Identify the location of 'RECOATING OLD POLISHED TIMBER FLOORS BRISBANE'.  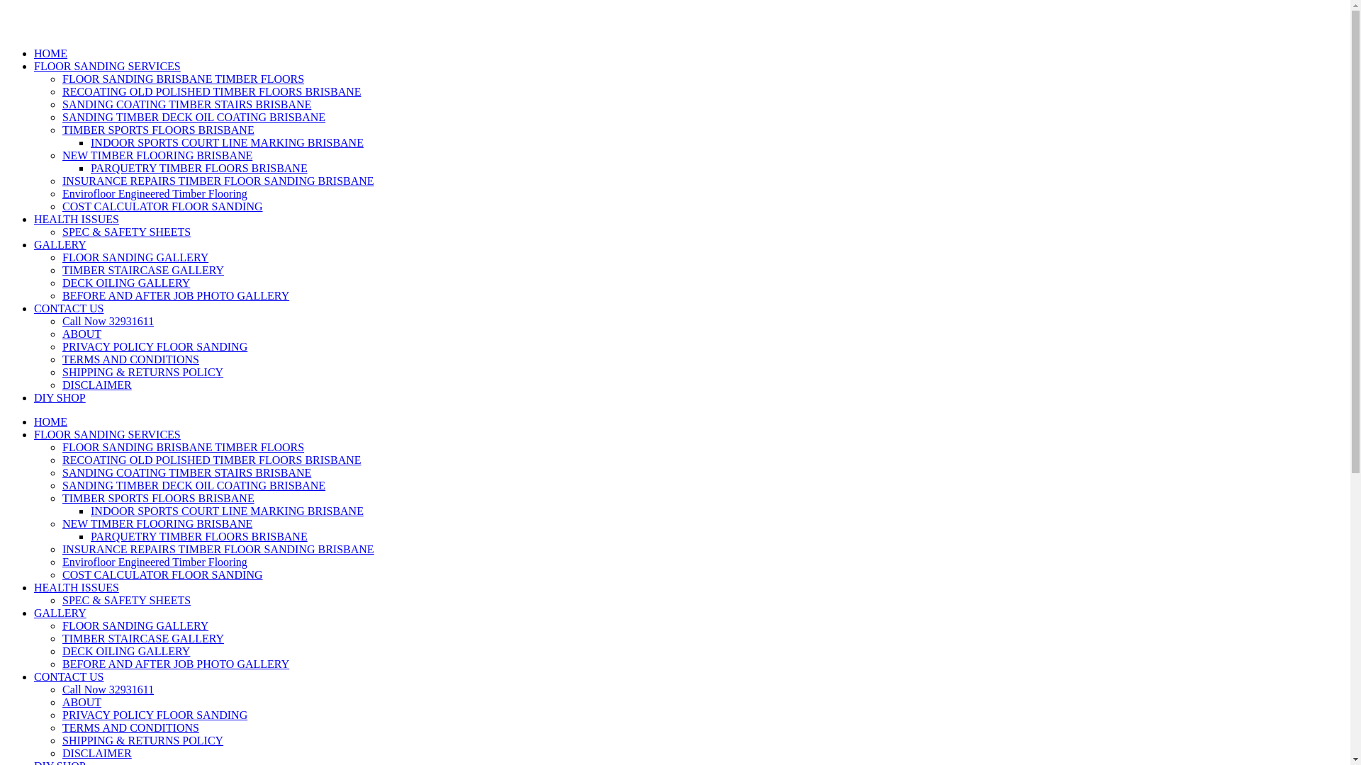
(211, 91).